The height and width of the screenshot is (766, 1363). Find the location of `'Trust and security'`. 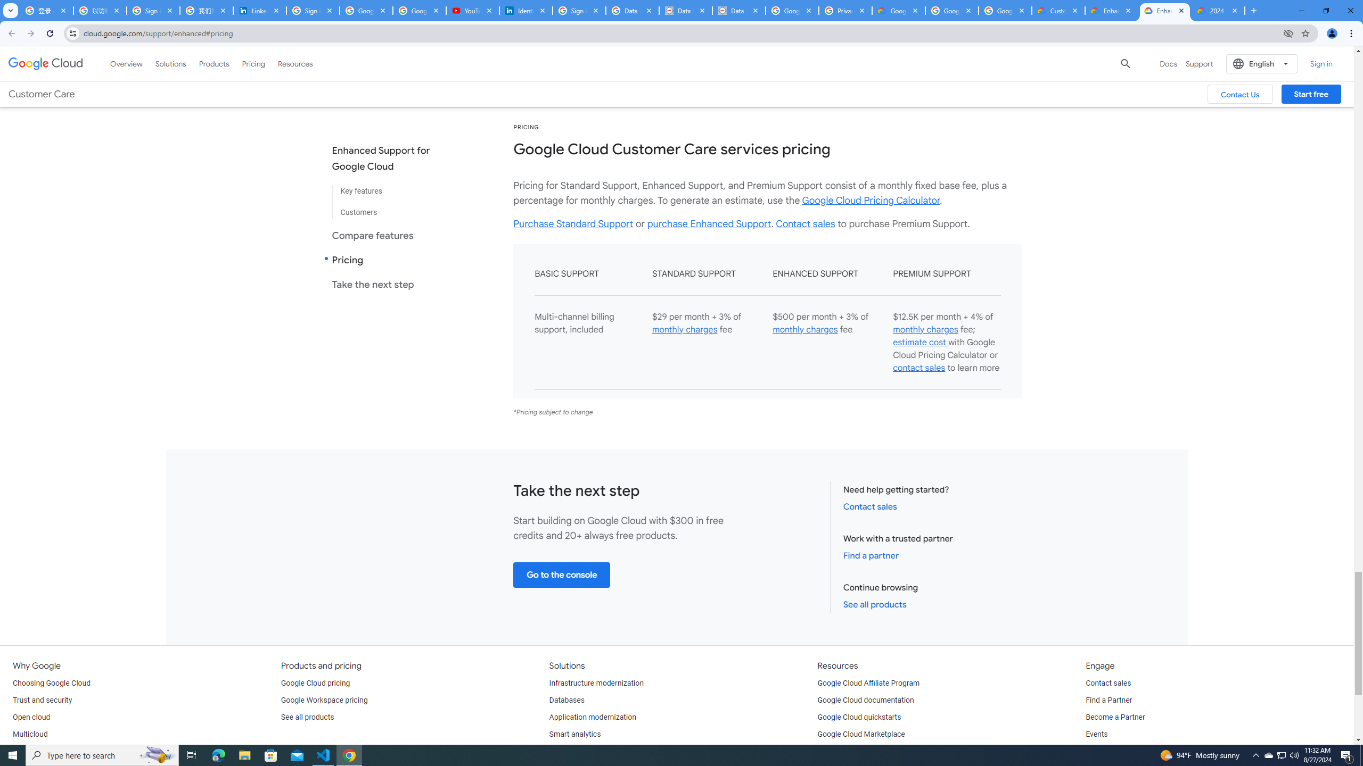

'Trust and security' is located at coordinates (42, 700).